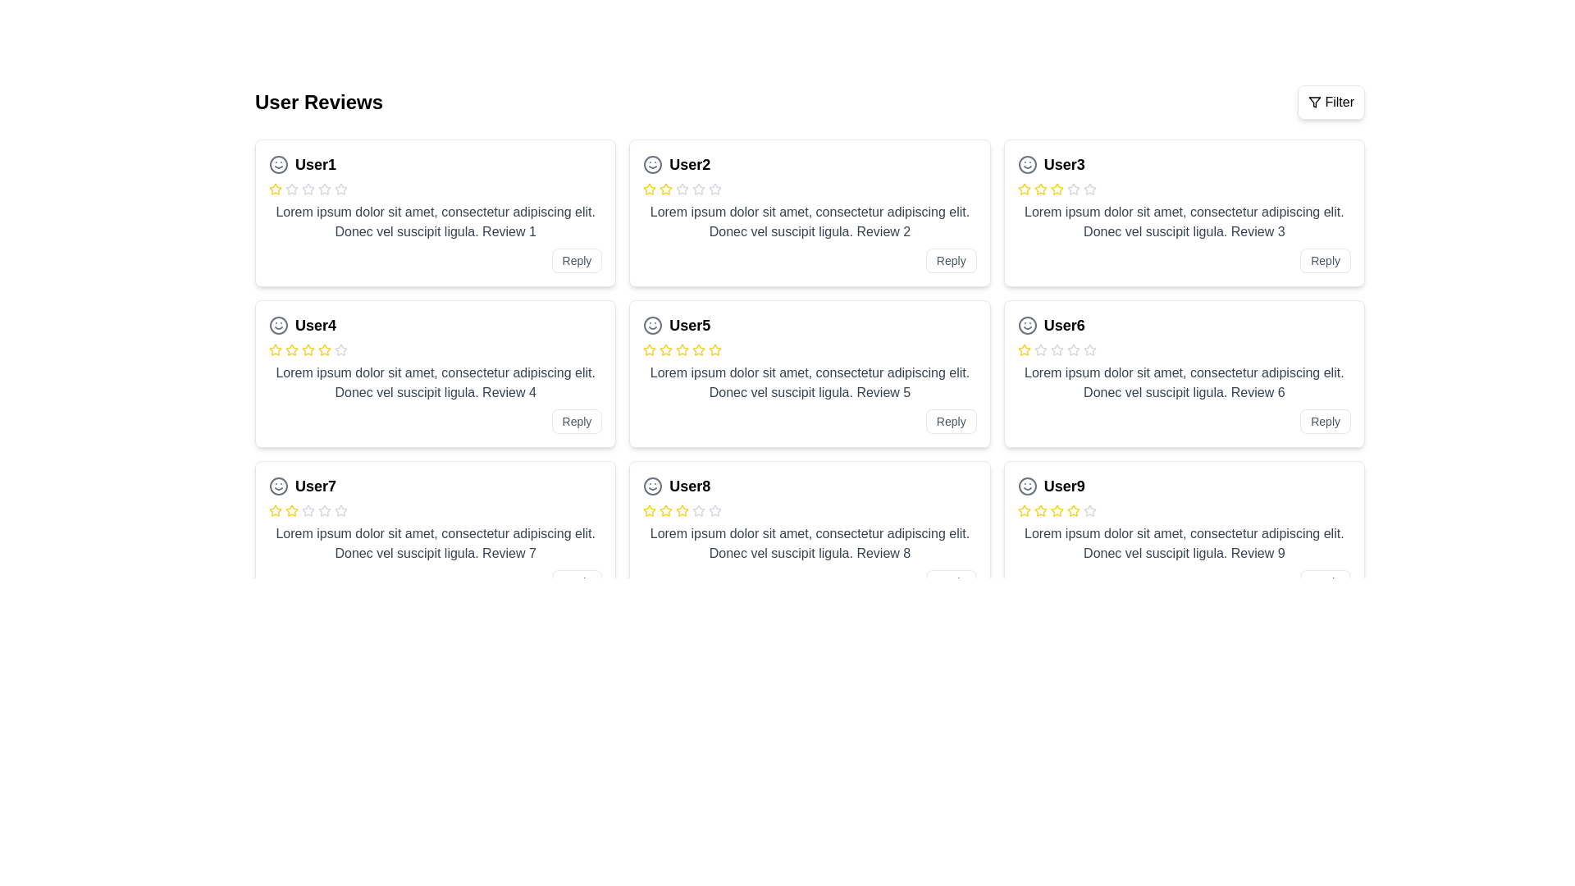 The image size is (1575, 886). Describe the element at coordinates (682, 349) in the screenshot. I see `the third filled yellow star icon in the rating system of 'User5 Review' to rate it` at that location.